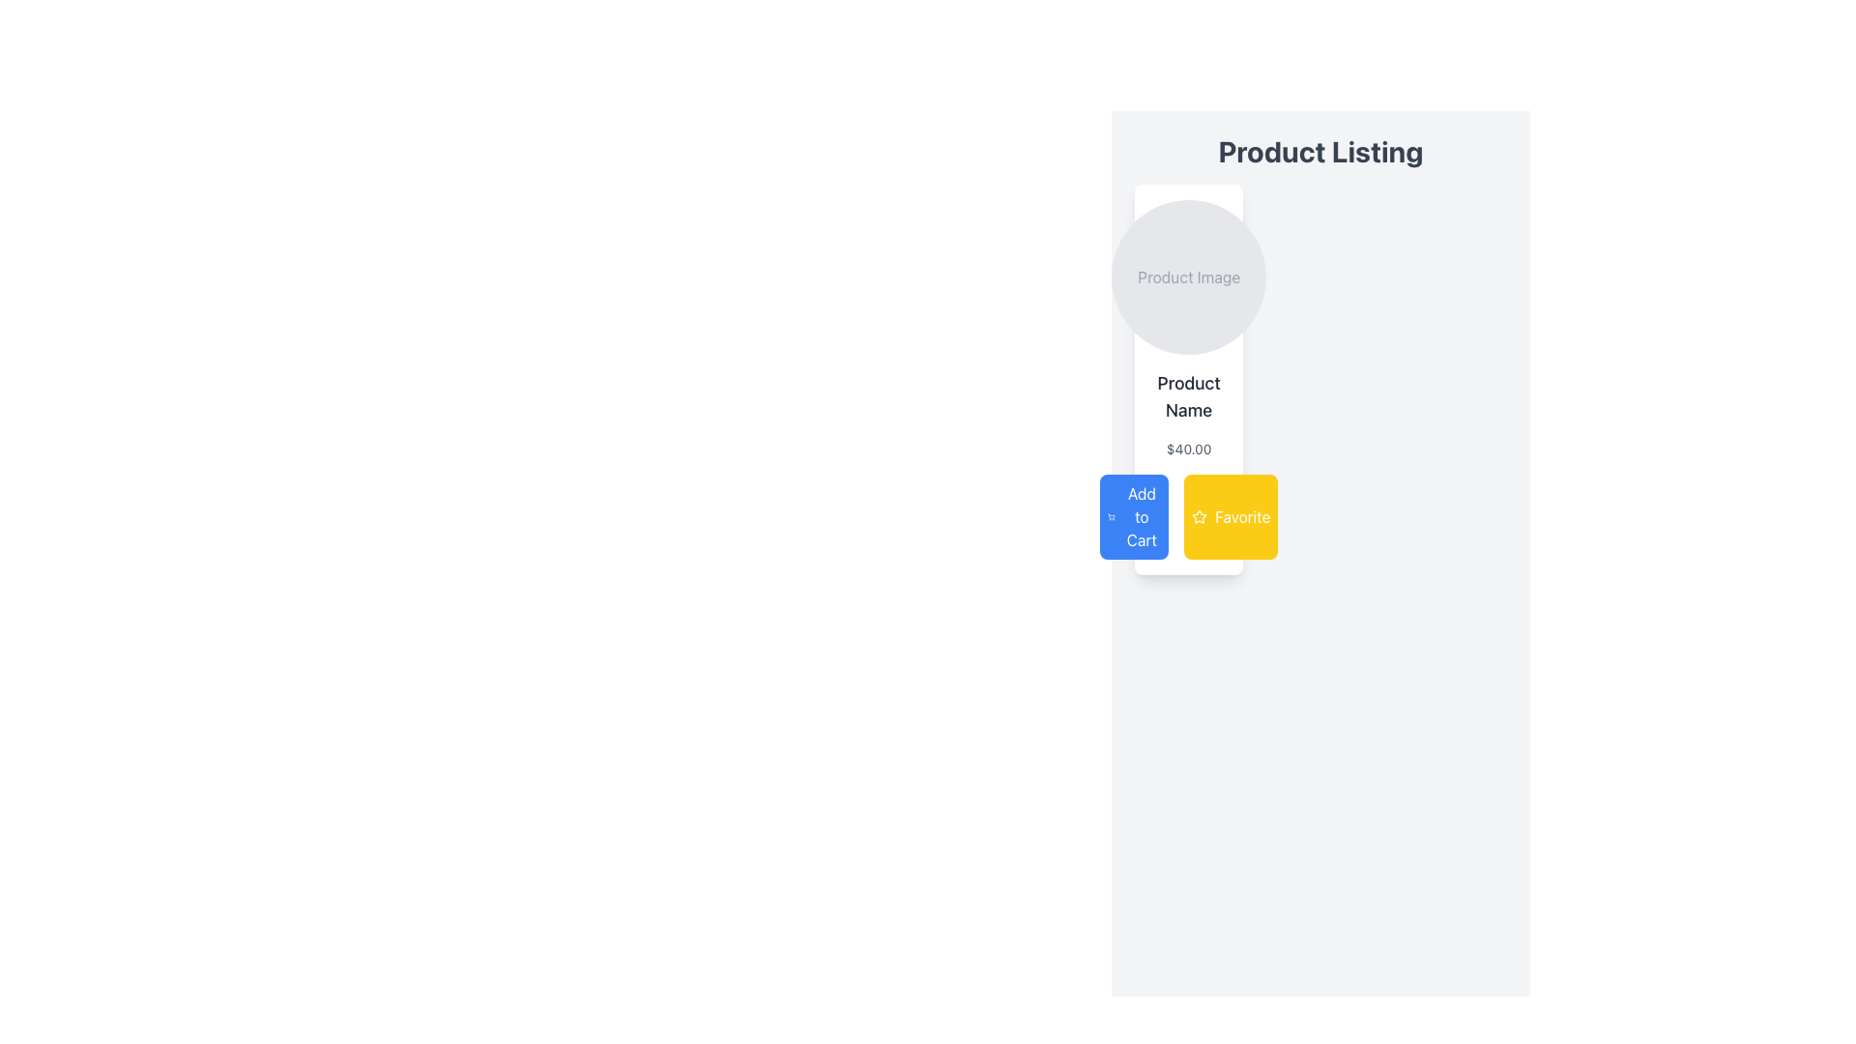  What do you see at coordinates (1199, 516) in the screenshot?
I see `the star icon within the 'Favorite' button, which is located in the bottom-right area of the product card, next to the 'Add to Cart' button` at bounding box center [1199, 516].